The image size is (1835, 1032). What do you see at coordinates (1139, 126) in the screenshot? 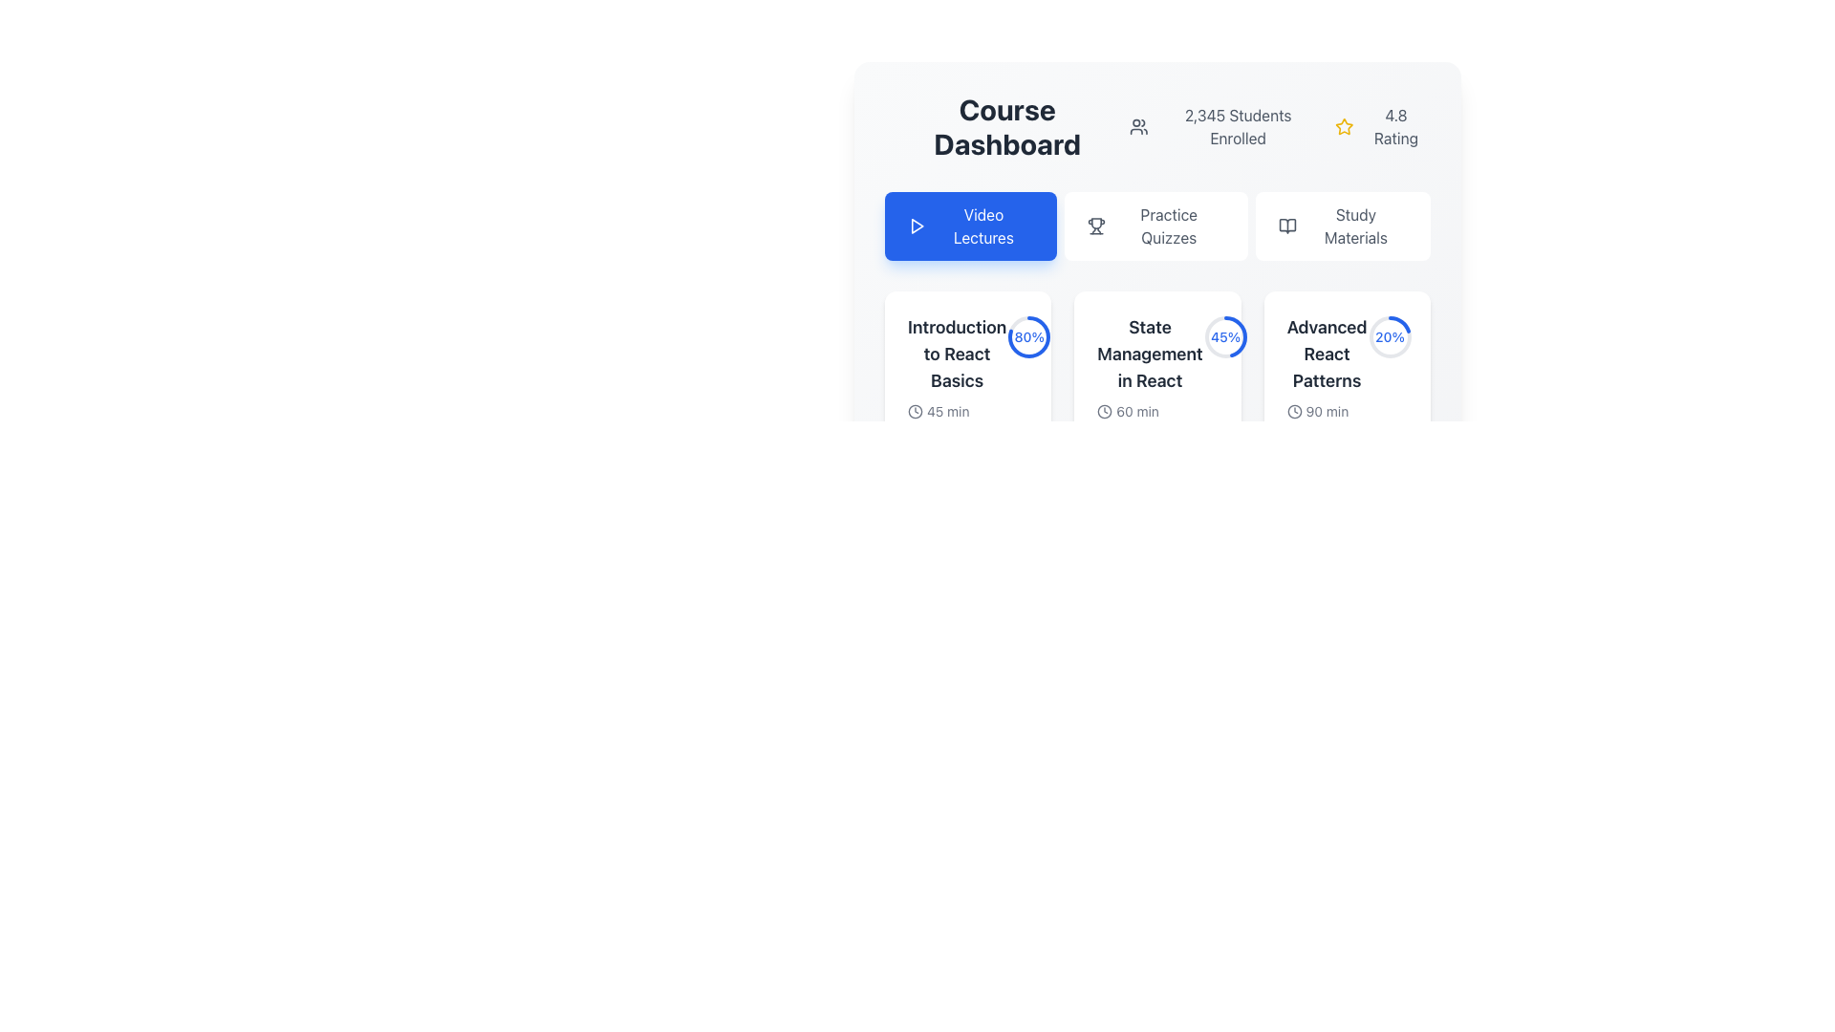
I see `the icon representing two abstract human profiles, located to the left of the text '2,345 Students Enrolled' in the top-right section of the interface` at bounding box center [1139, 126].